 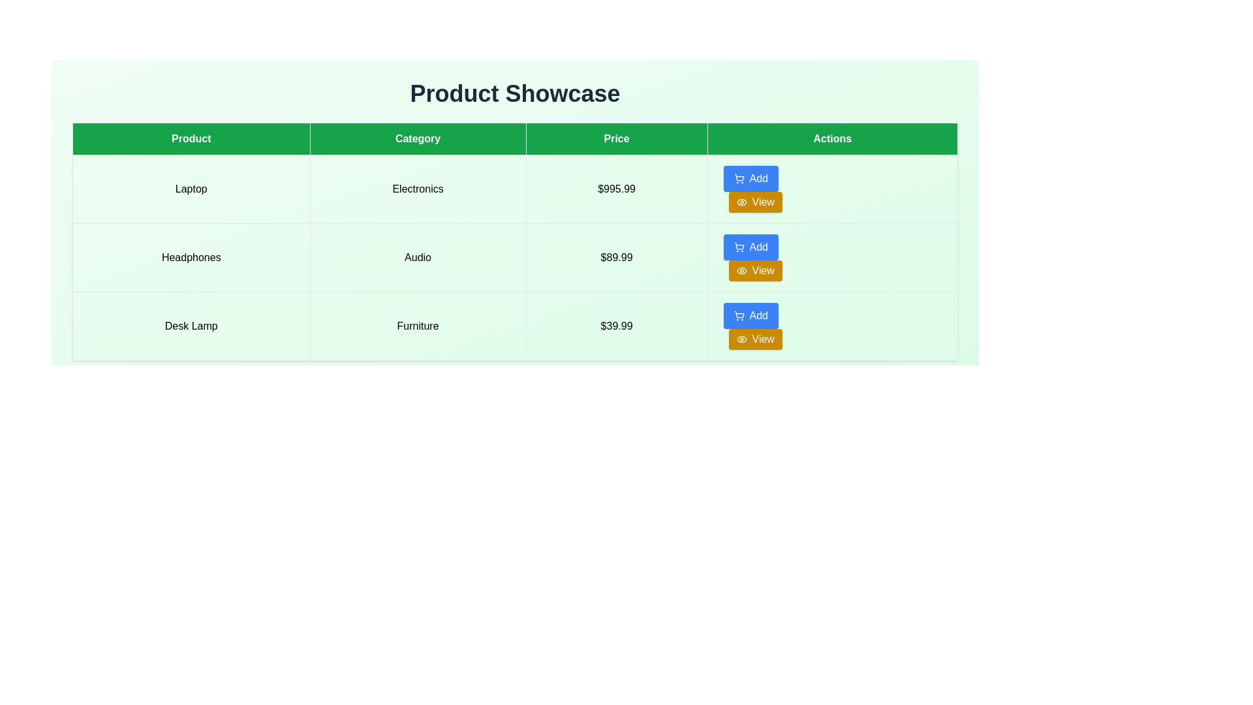 What do you see at coordinates (831, 138) in the screenshot?
I see `the 'Actions' table header, which is the fourth header in the row, located on the far right after the 'Price' header` at bounding box center [831, 138].